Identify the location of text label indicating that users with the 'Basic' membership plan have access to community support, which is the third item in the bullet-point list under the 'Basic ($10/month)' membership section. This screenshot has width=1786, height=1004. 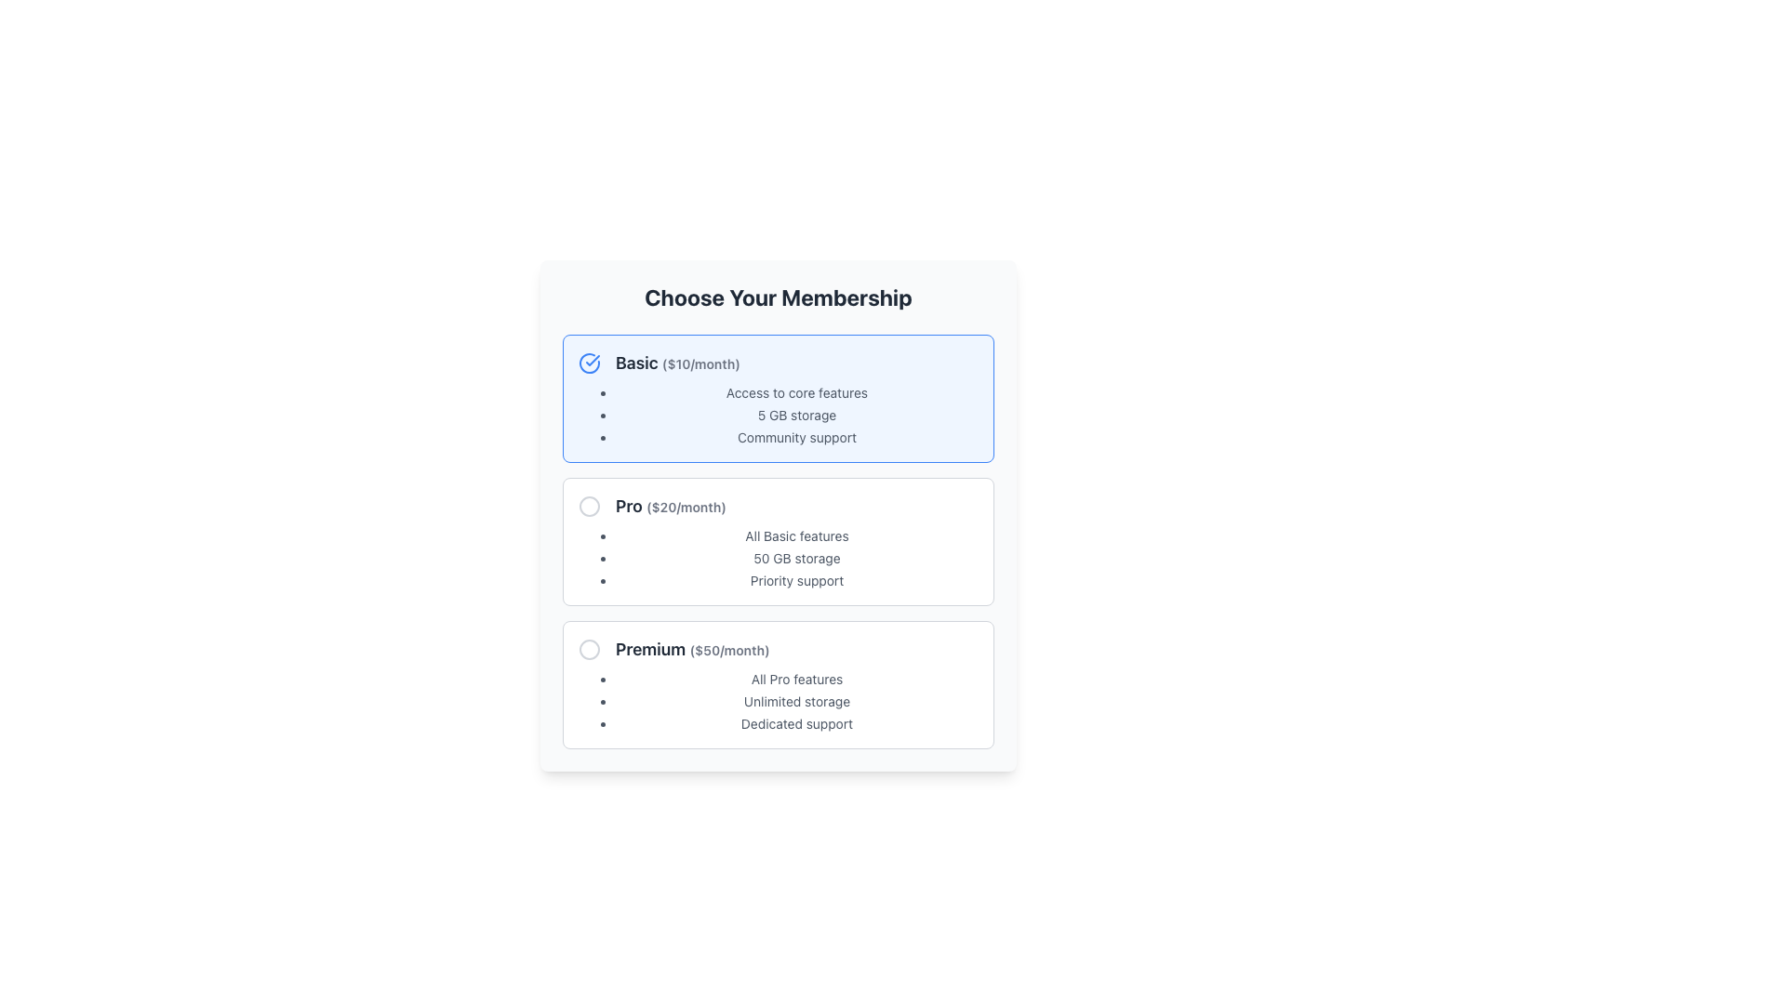
(797, 437).